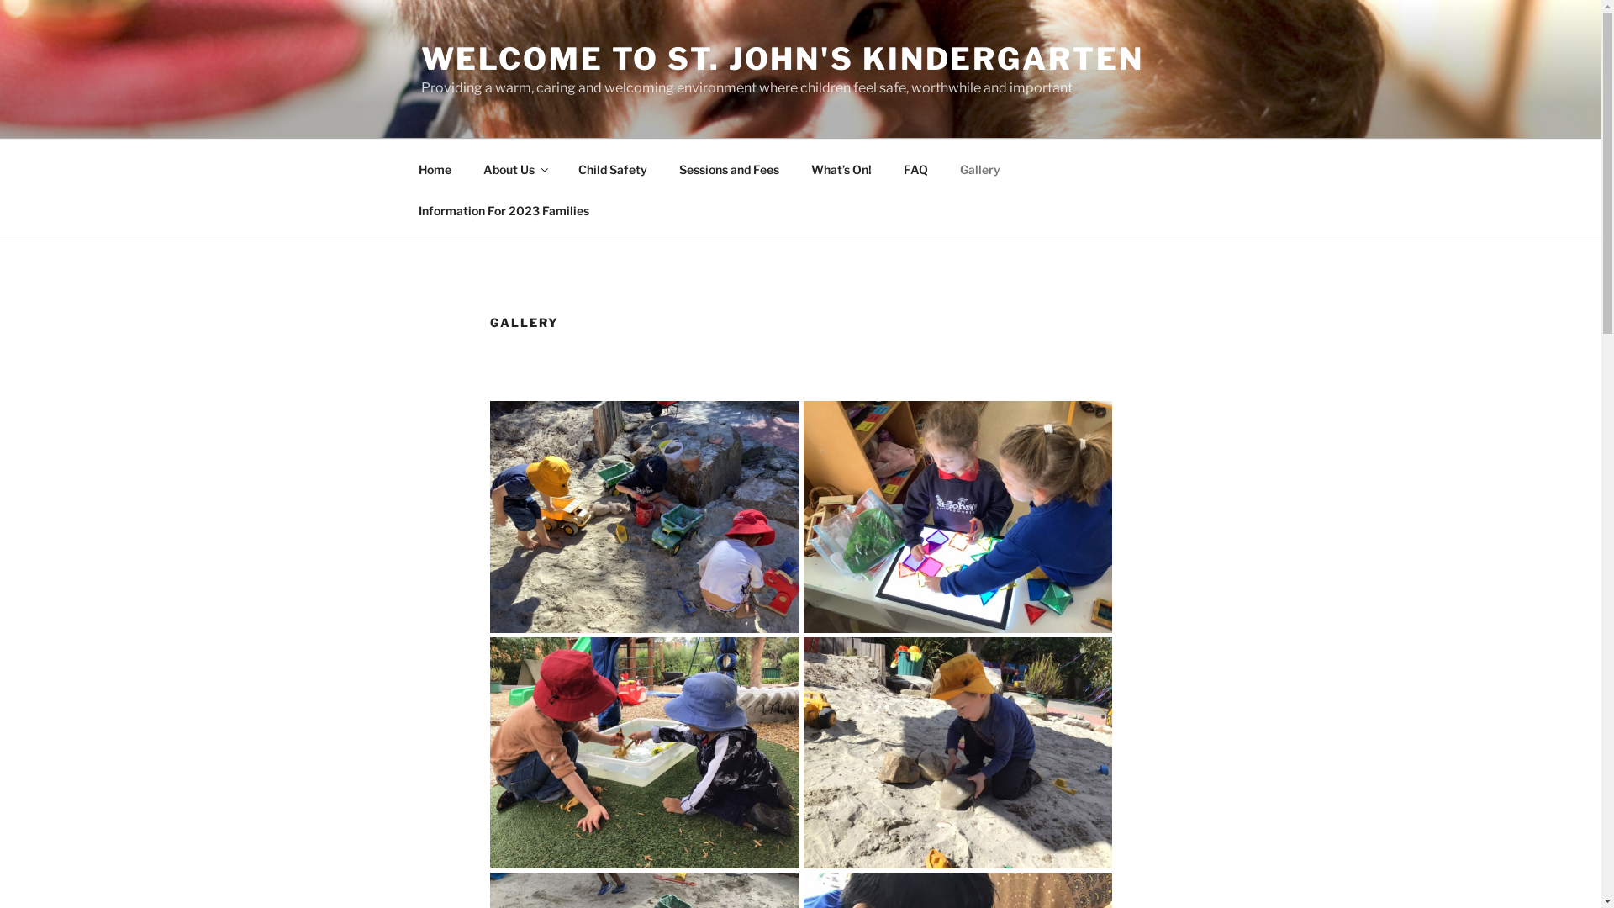 This screenshot has height=908, width=1614. What do you see at coordinates (729, 168) in the screenshot?
I see `'Sessions and Fees'` at bounding box center [729, 168].